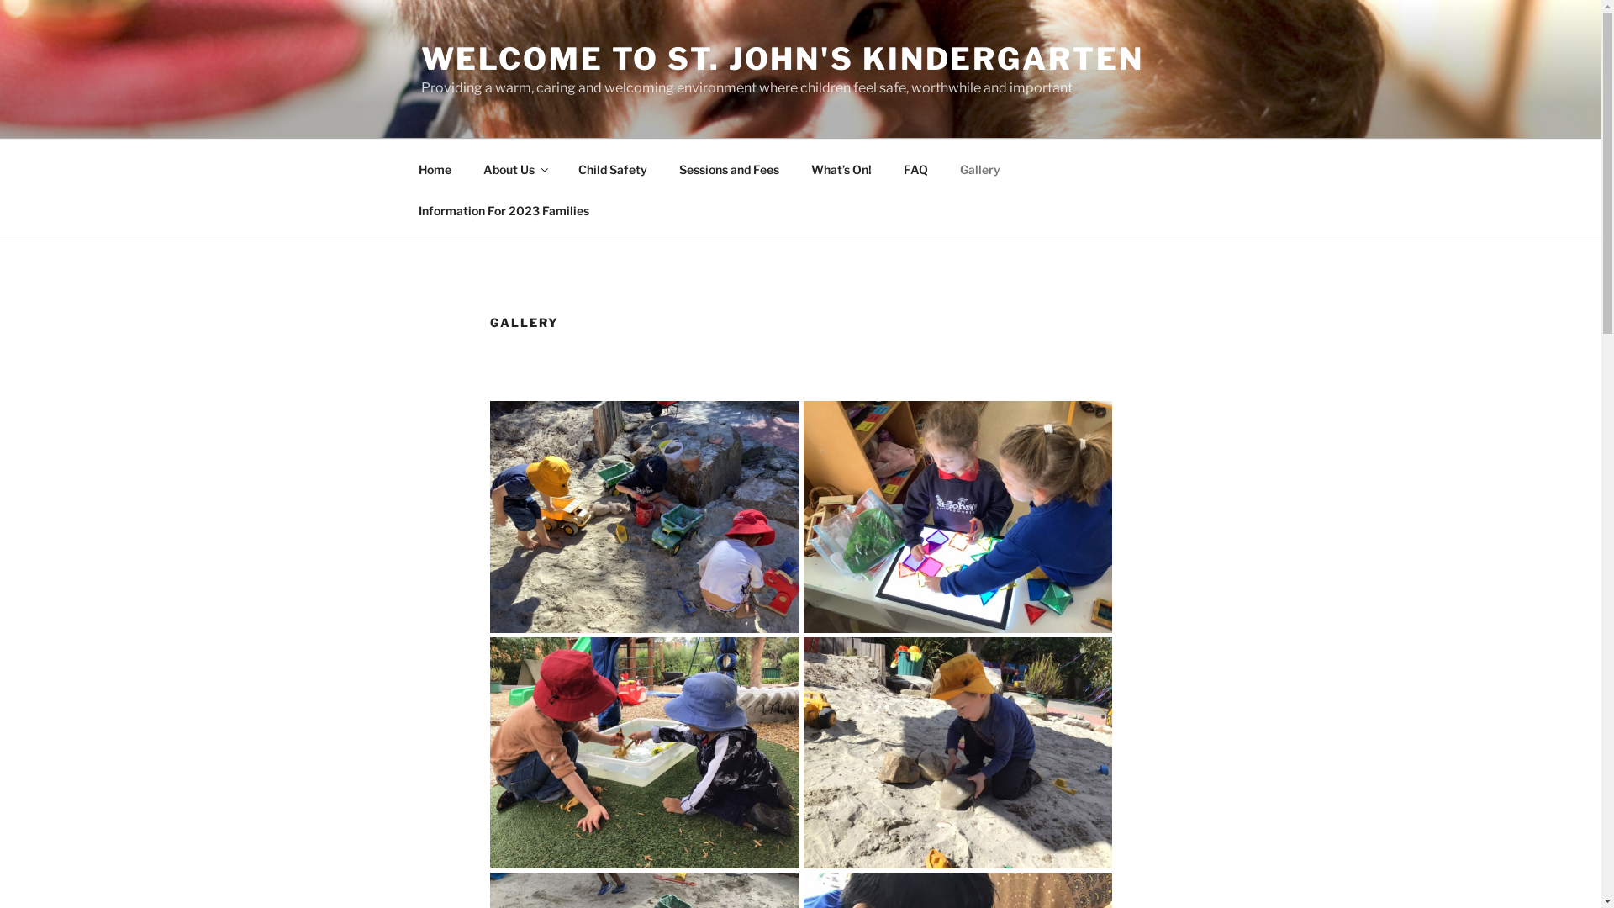 This screenshot has height=908, width=1614. What do you see at coordinates (729, 168) in the screenshot?
I see `'Sessions and Fees'` at bounding box center [729, 168].